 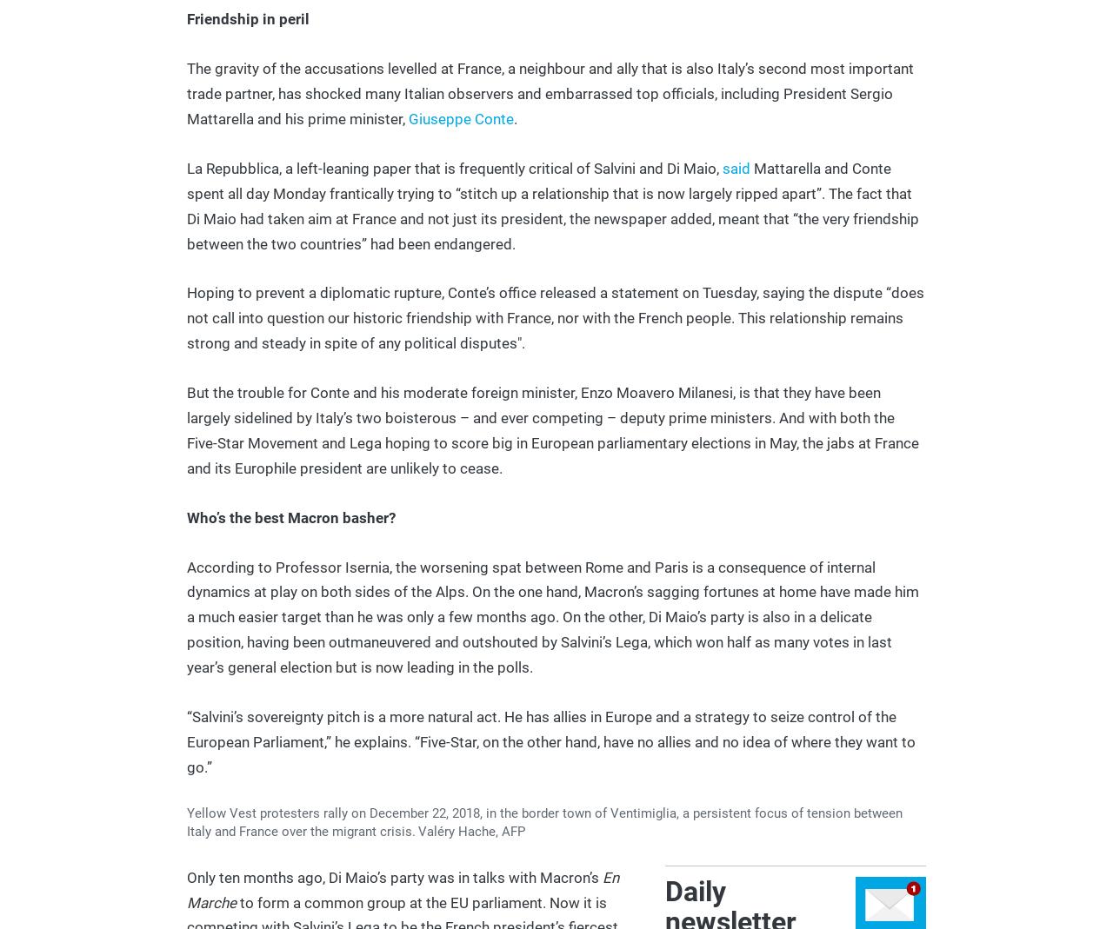 What do you see at coordinates (552, 616) in the screenshot?
I see `'According to Professor Isernia, the worsening spat between Rome and Paris is a consequence of internal dynamics at play on both sides of the Alps. On the one hand, Macron’s sagging fortunes at home have made him a much easier target than he was only a few months ago. On the other, Di Maio’s party is also in a delicate position, having been outmaneuvered and outshouted by Salvini’s Lega, which won half as many votes in last year’s general election but is now leading in the polls.'` at bounding box center [552, 616].